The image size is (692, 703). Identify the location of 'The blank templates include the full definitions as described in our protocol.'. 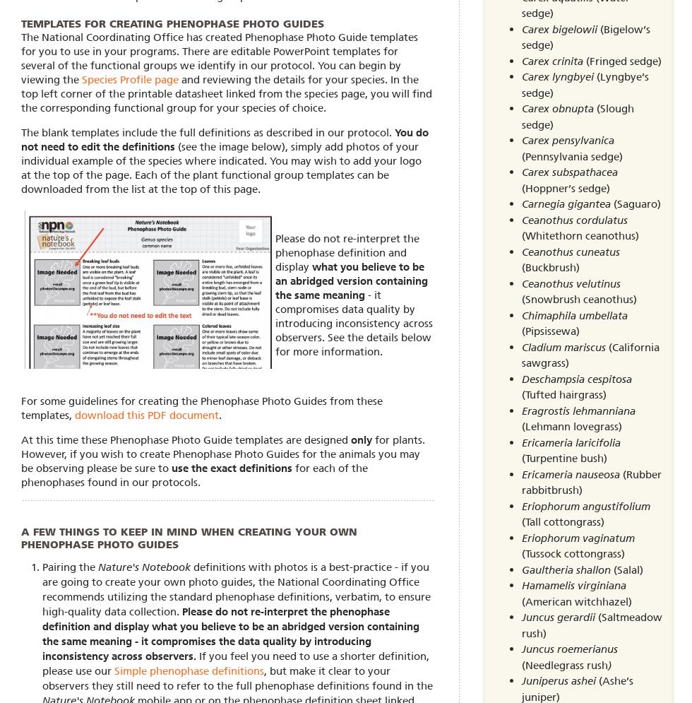
(208, 131).